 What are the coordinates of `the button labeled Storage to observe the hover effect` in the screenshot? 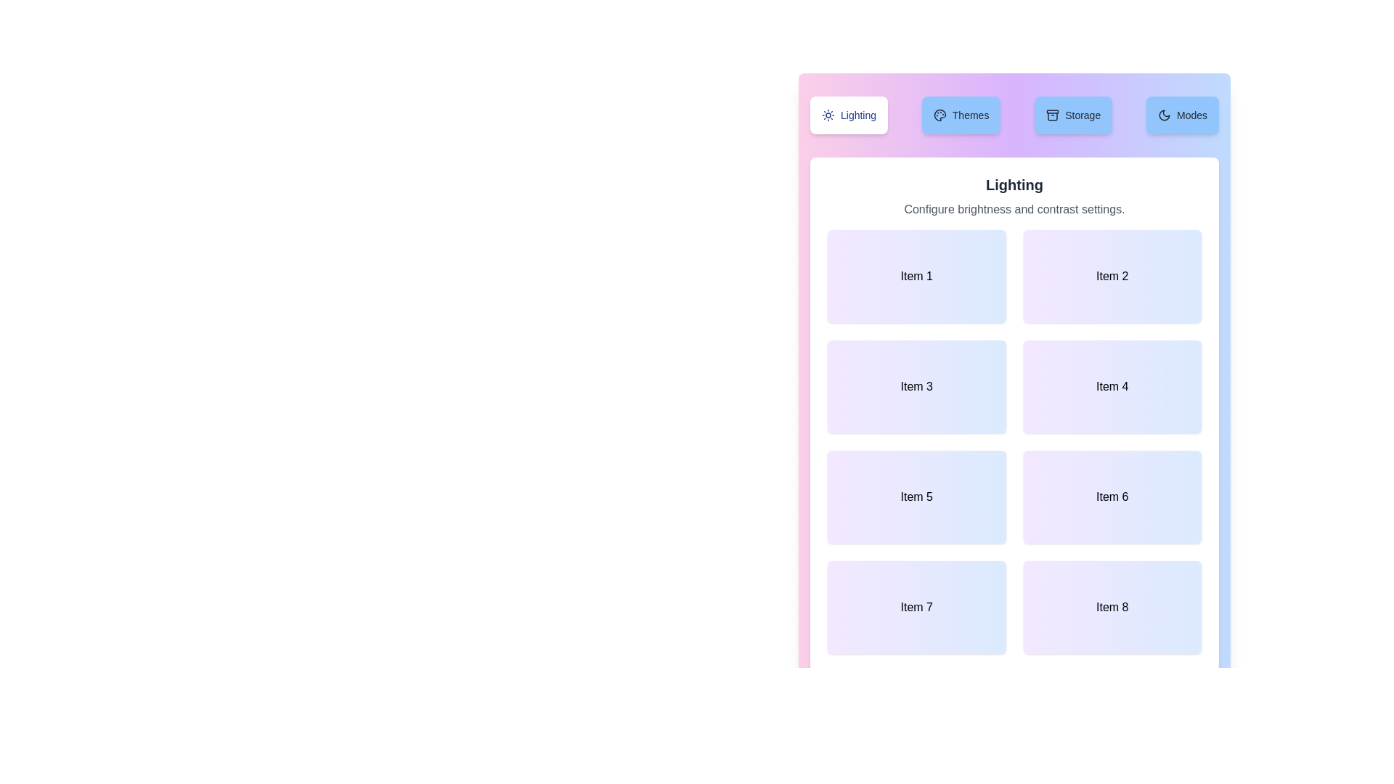 It's located at (1073, 114).